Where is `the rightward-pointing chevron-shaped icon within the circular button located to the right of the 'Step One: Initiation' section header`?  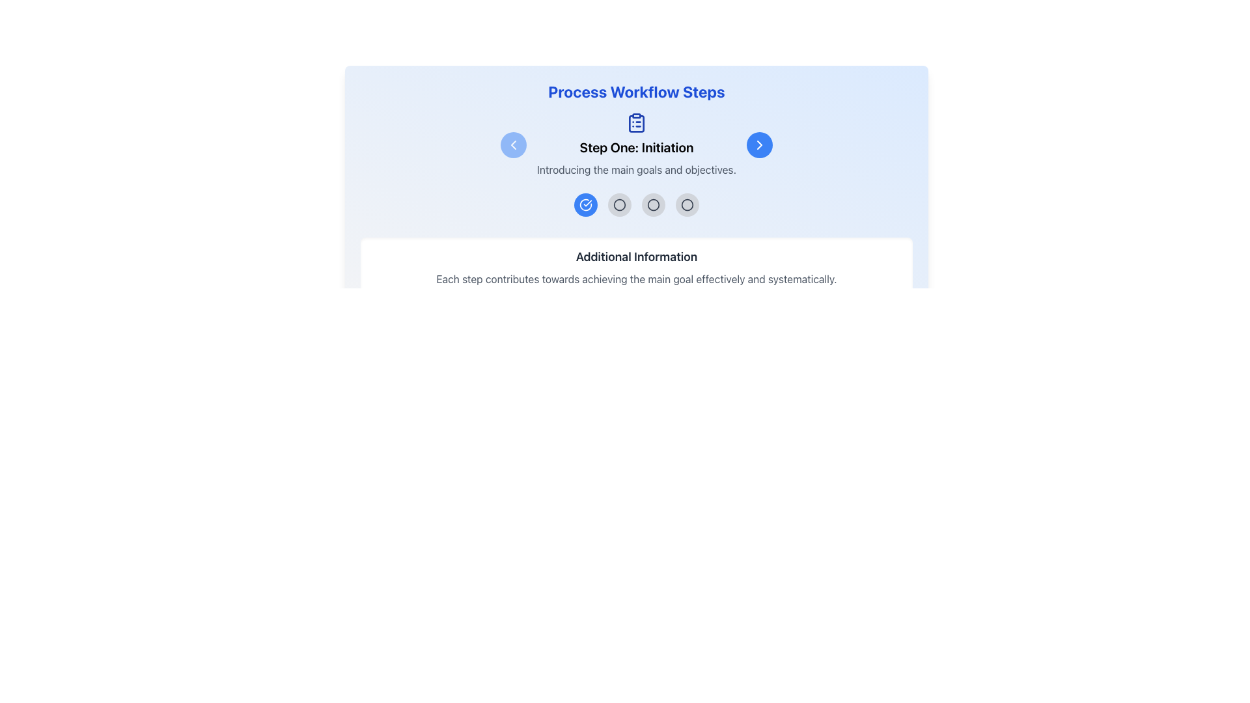
the rightward-pointing chevron-shaped icon within the circular button located to the right of the 'Step One: Initiation' section header is located at coordinates (759, 145).